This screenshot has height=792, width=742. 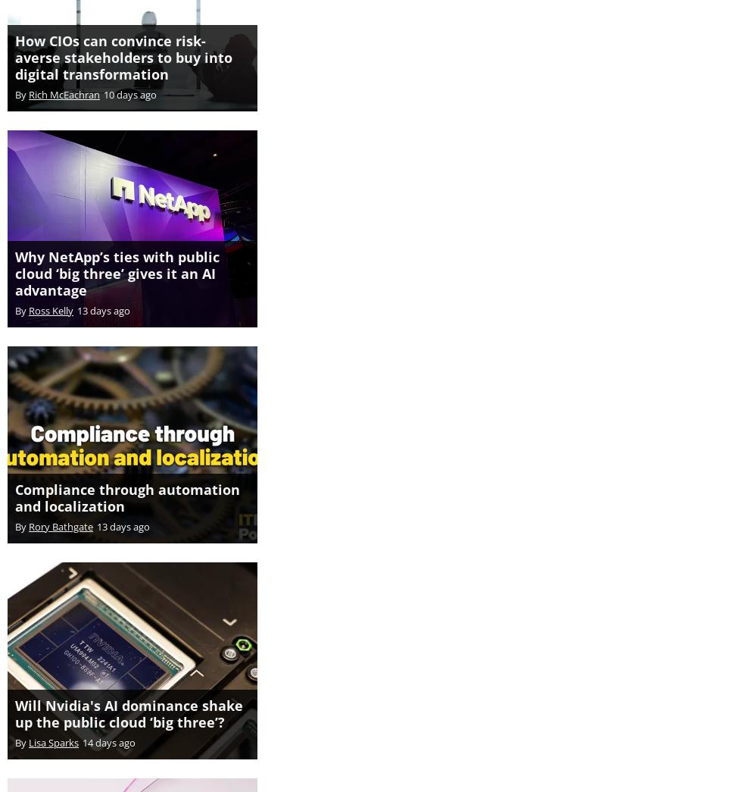 I want to click on 'How CIOs can convince risk-averse stakeholders to buy into digital transformation', so click(x=123, y=40).